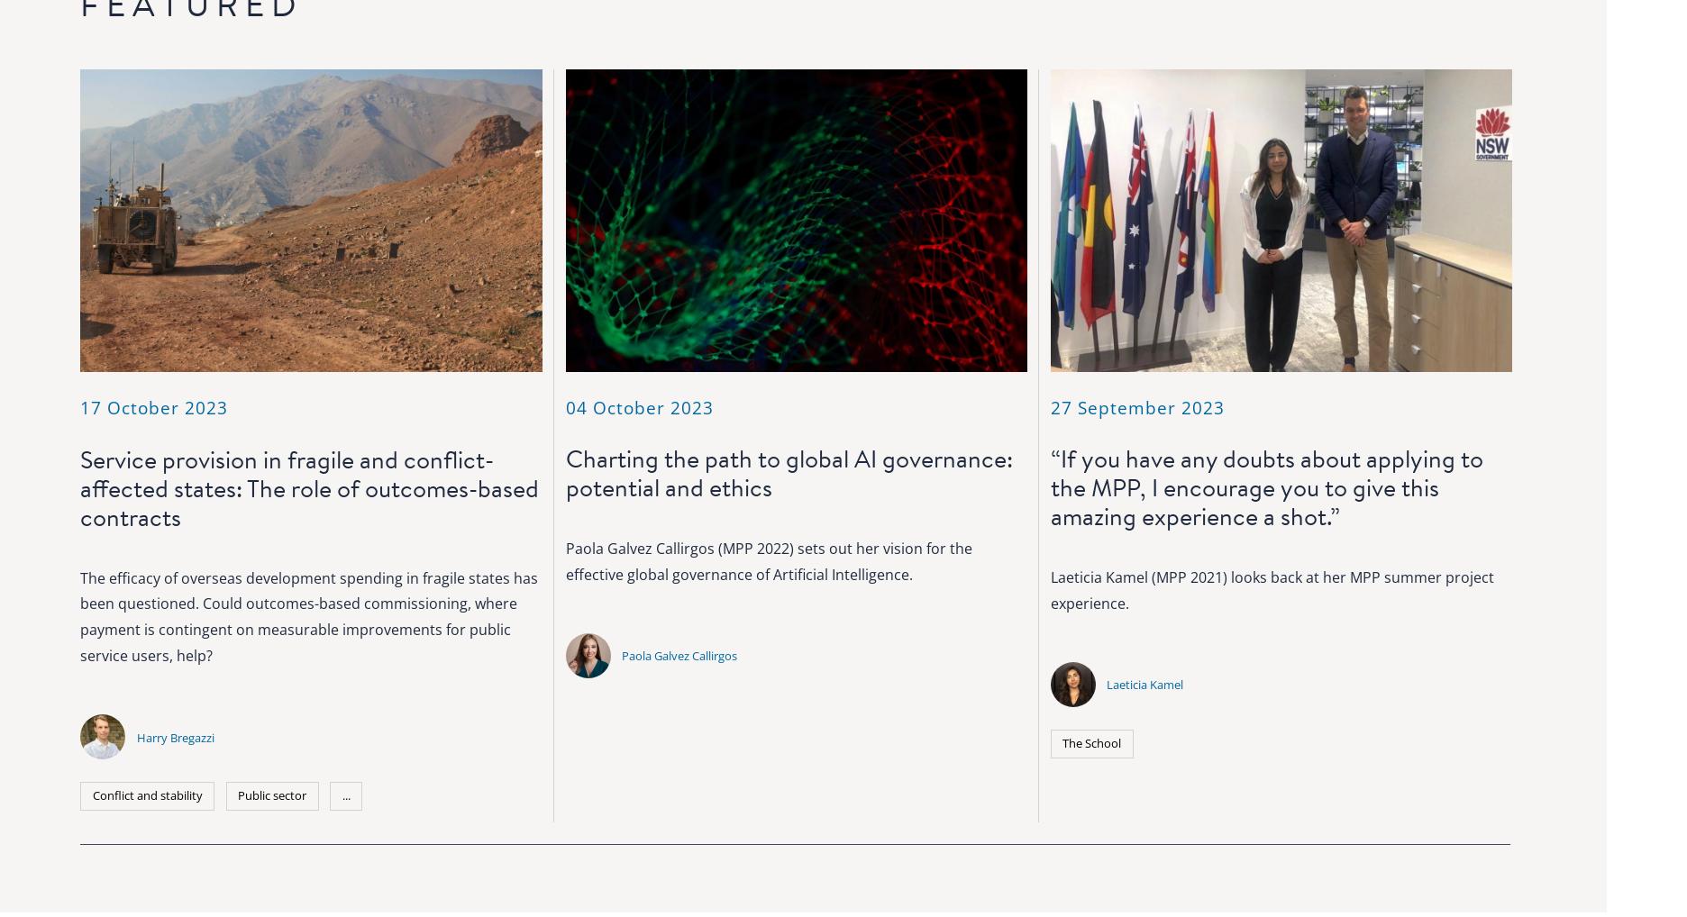  What do you see at coordinates (983, 660) in the screenshot?
I see `'Governance'` at bounding box center [983, 660].